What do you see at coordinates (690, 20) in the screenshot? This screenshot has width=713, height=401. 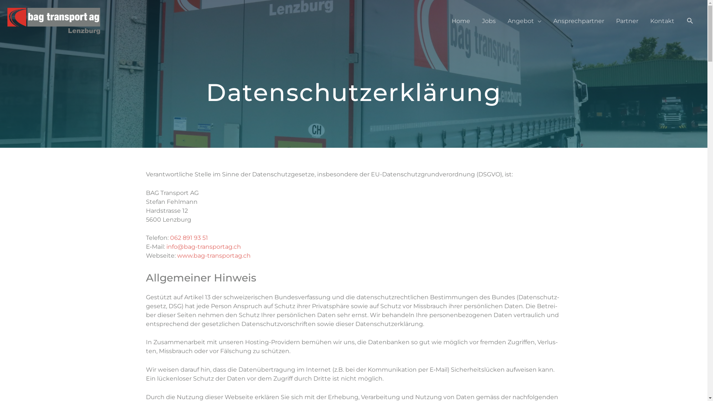 I see `'Suche'` at bounding box center [690, 20].